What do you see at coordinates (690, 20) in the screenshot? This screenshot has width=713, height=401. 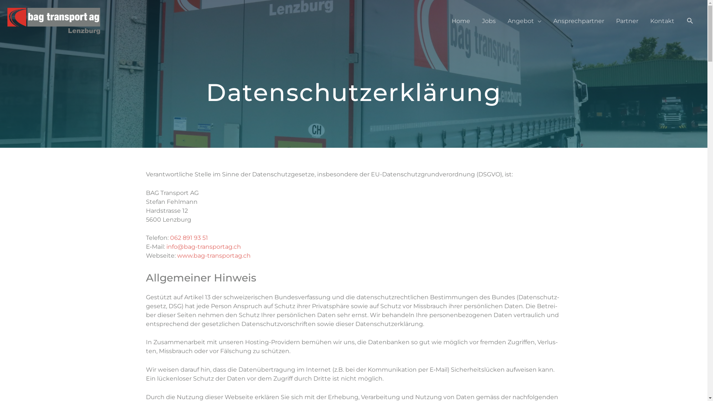 I see `'Suche'` at bounding box center [690, 20].